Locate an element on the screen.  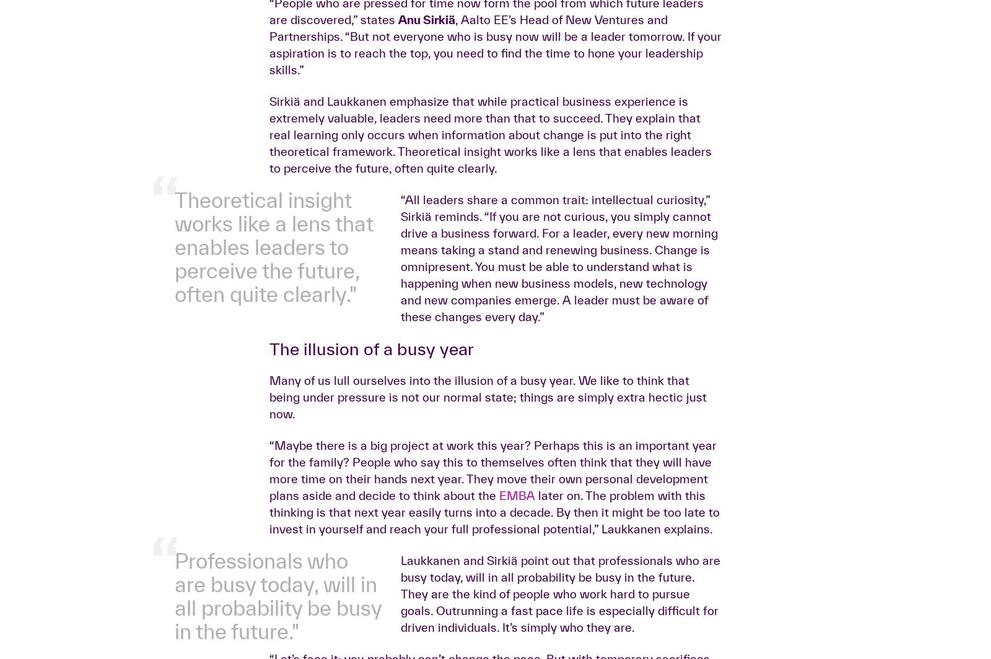
'Anu Sirkiä' is located at coordinates (426, 213).